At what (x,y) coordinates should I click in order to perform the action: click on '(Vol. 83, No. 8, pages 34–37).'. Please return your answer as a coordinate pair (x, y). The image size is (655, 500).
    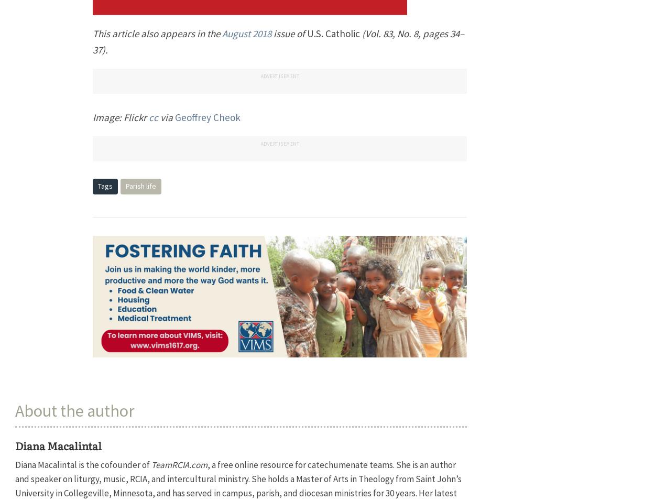
    Looking at the image, I should click on (278, 41).